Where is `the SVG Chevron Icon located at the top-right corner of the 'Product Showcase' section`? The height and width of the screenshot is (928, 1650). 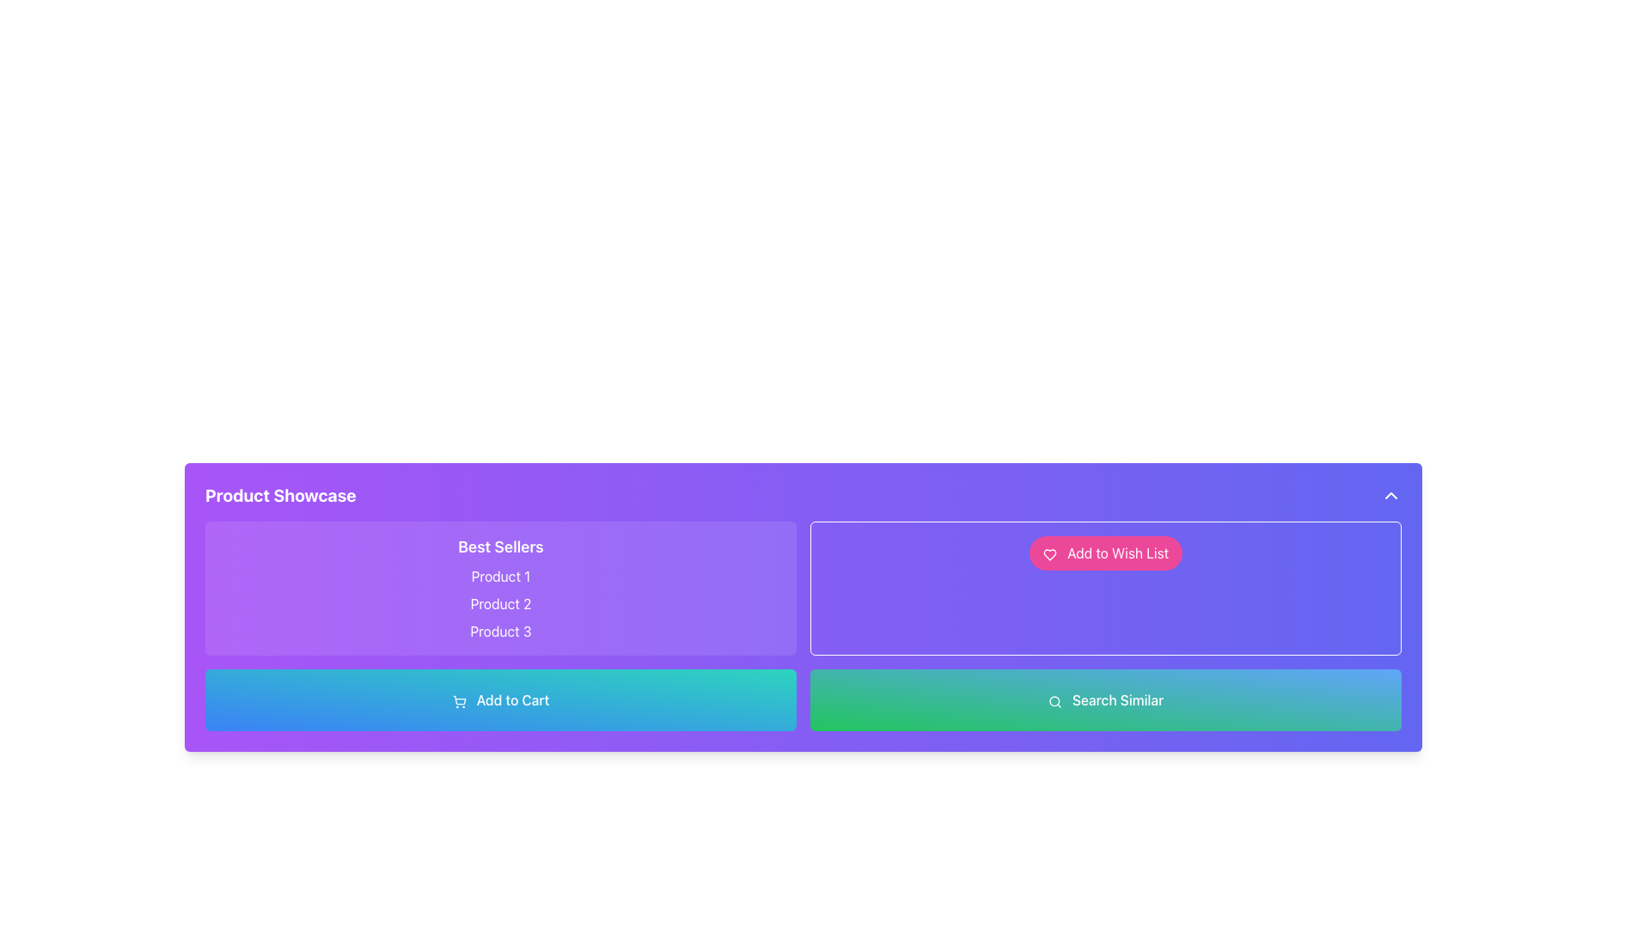 the SVG Chevron Icon located at the top-right corner of the 'Product Showcase' section is located at coordinates (1390, 496).